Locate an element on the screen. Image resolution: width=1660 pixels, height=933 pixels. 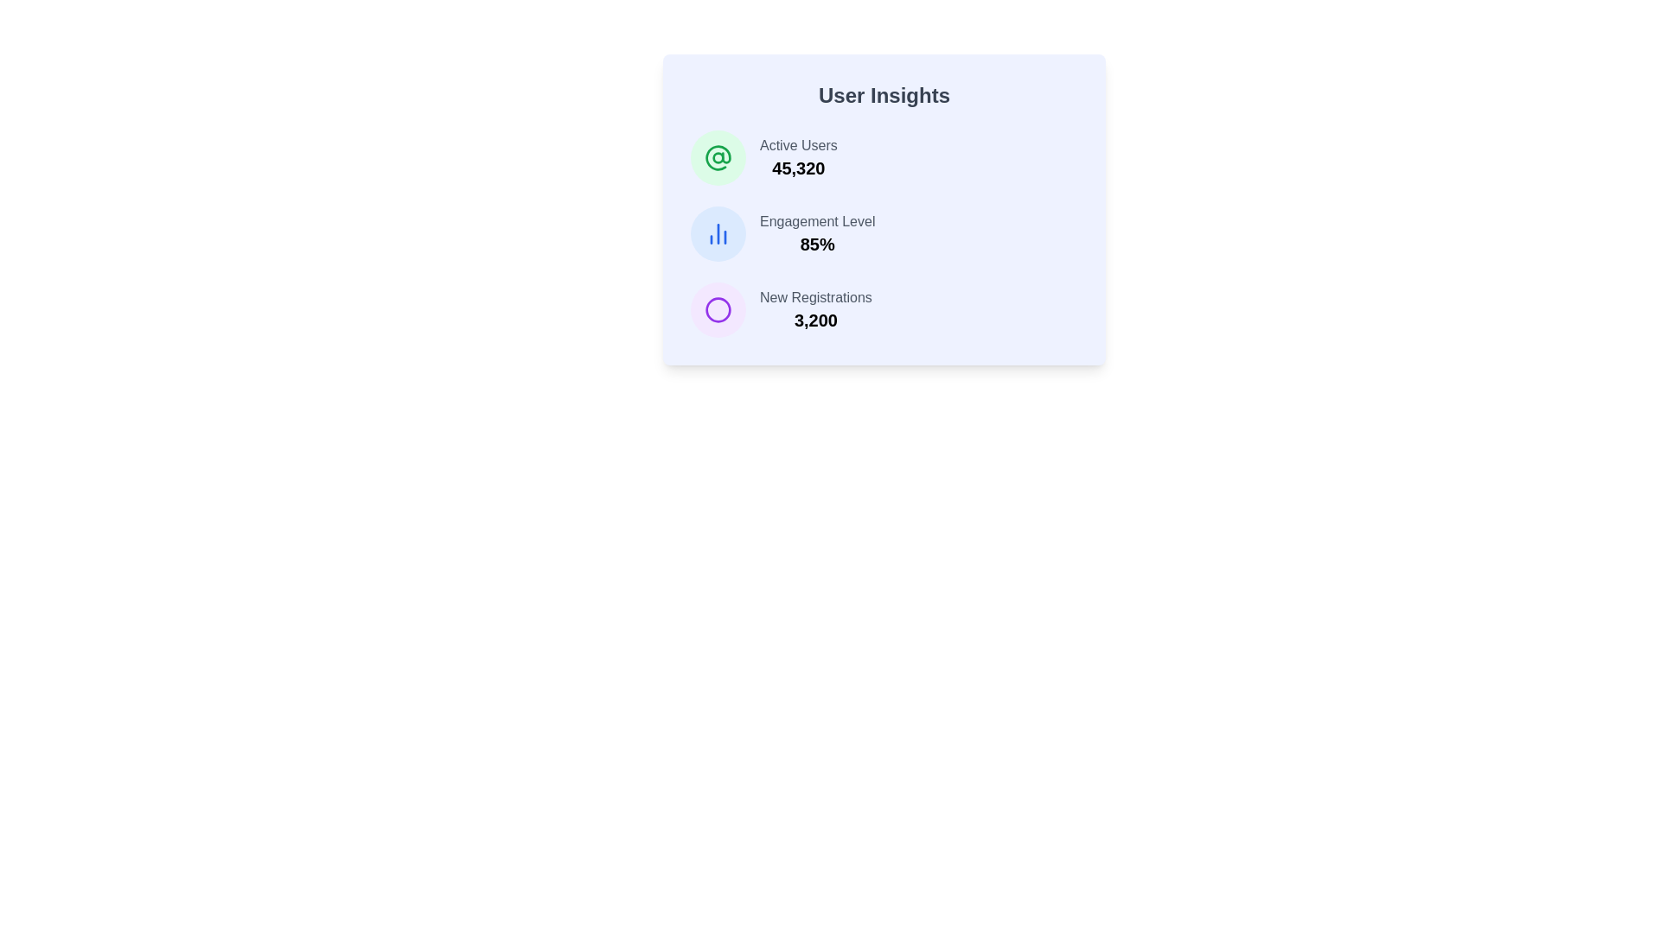
the text label describing the data point for 'New Registrations', which is positioned to the right of a purple circular icon and above the number '3,200' is located at coordinates (814, 296).